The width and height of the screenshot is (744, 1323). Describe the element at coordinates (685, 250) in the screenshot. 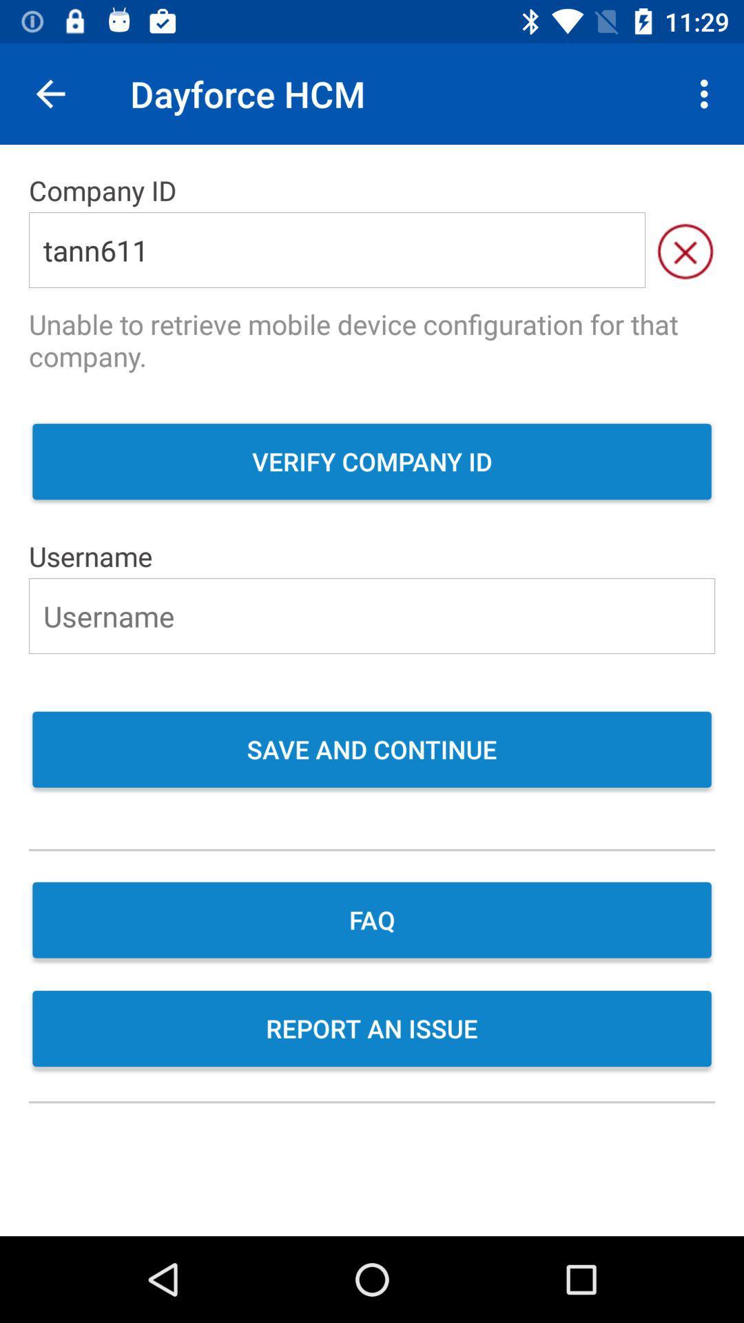

I see `the item next to tann611` at that location.